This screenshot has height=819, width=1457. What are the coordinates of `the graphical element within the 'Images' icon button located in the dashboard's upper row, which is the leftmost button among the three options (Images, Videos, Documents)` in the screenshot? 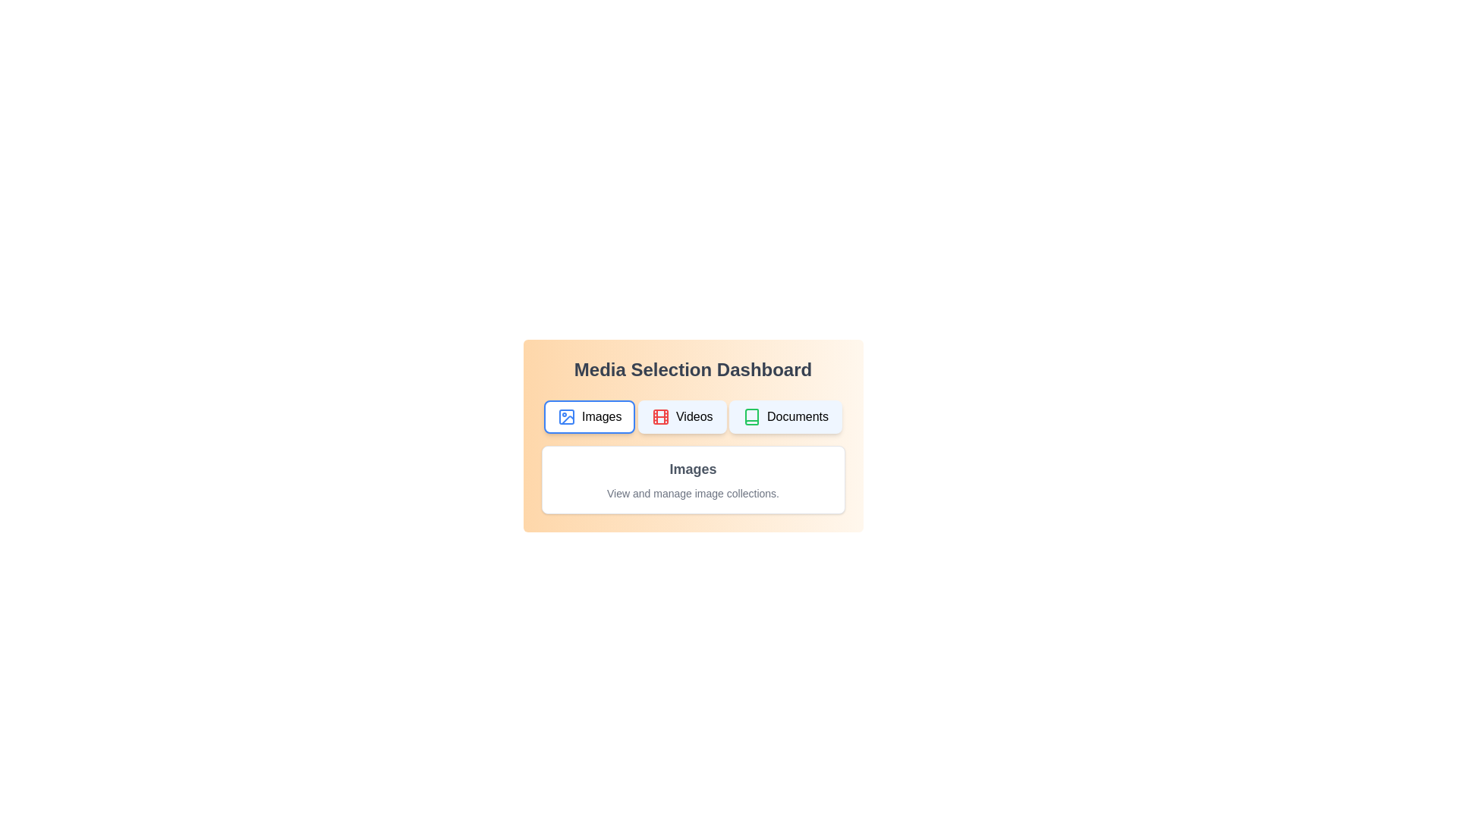 It's located at (566, 417).